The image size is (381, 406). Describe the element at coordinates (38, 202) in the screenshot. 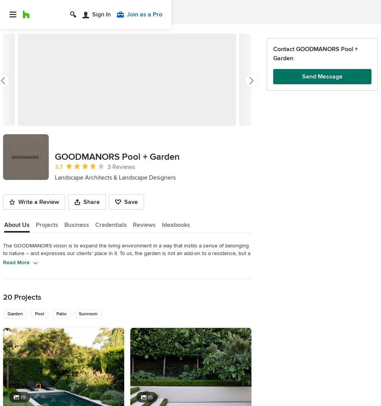

I see `'Write a Review'` at that location.